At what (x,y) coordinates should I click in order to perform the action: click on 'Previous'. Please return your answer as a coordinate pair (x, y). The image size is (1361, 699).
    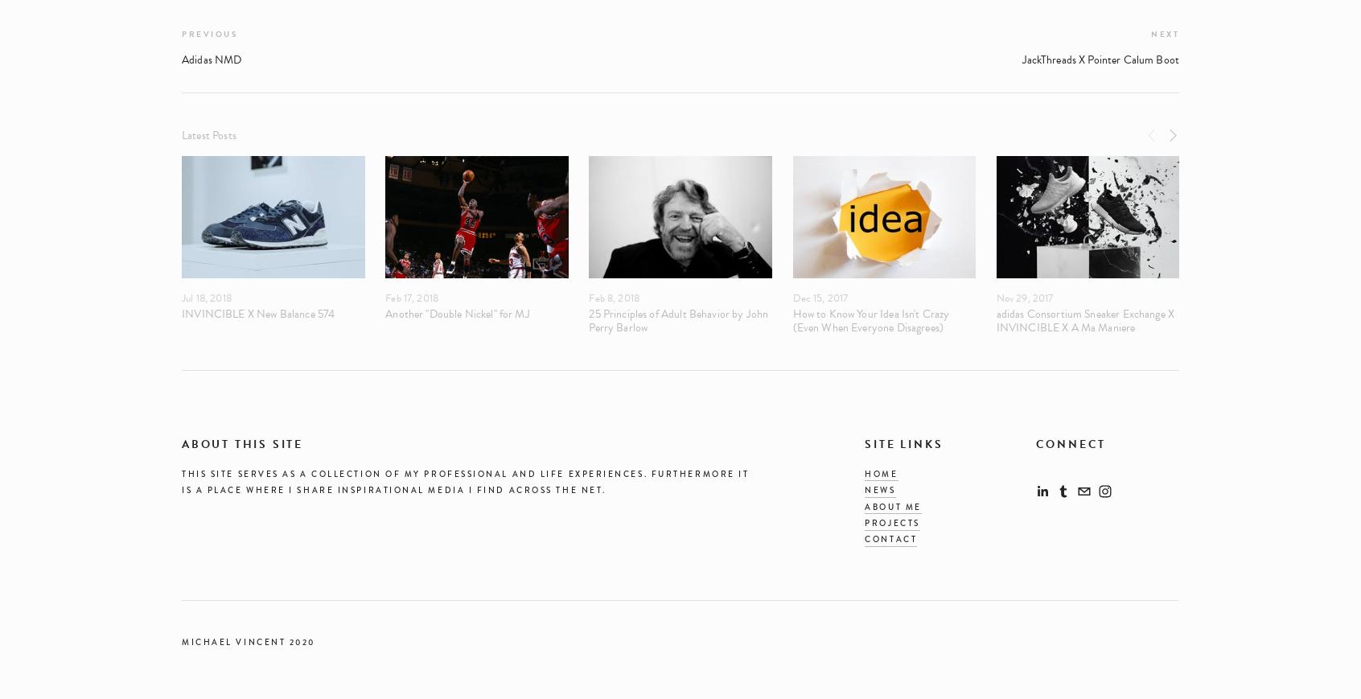
    Looking at the image, I should click on (209, 32).